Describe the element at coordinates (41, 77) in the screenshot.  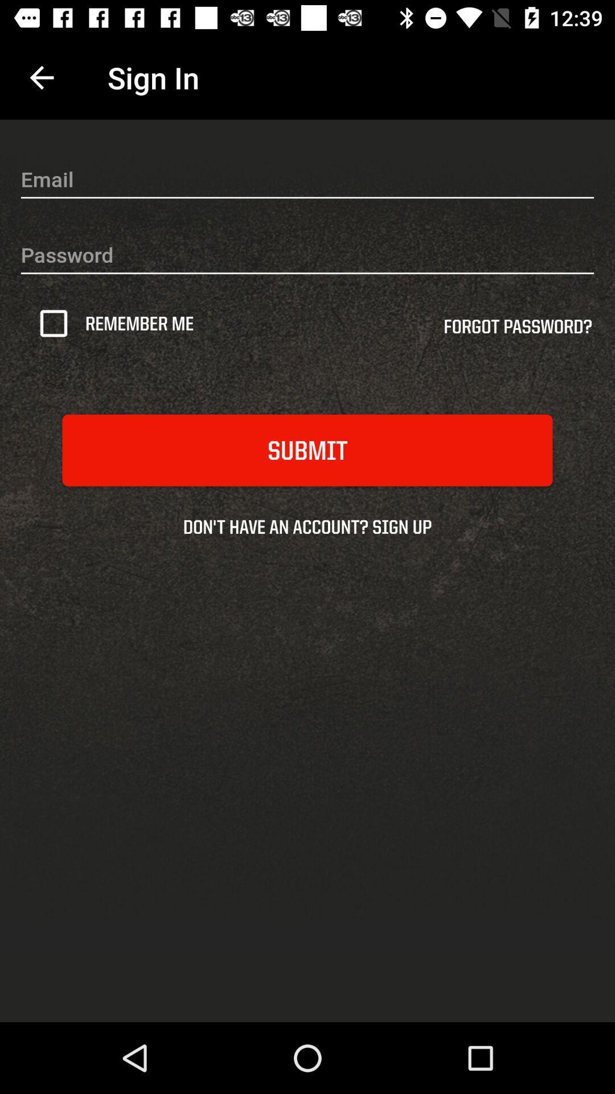
I see `the icon next to the sign in item` at that location.